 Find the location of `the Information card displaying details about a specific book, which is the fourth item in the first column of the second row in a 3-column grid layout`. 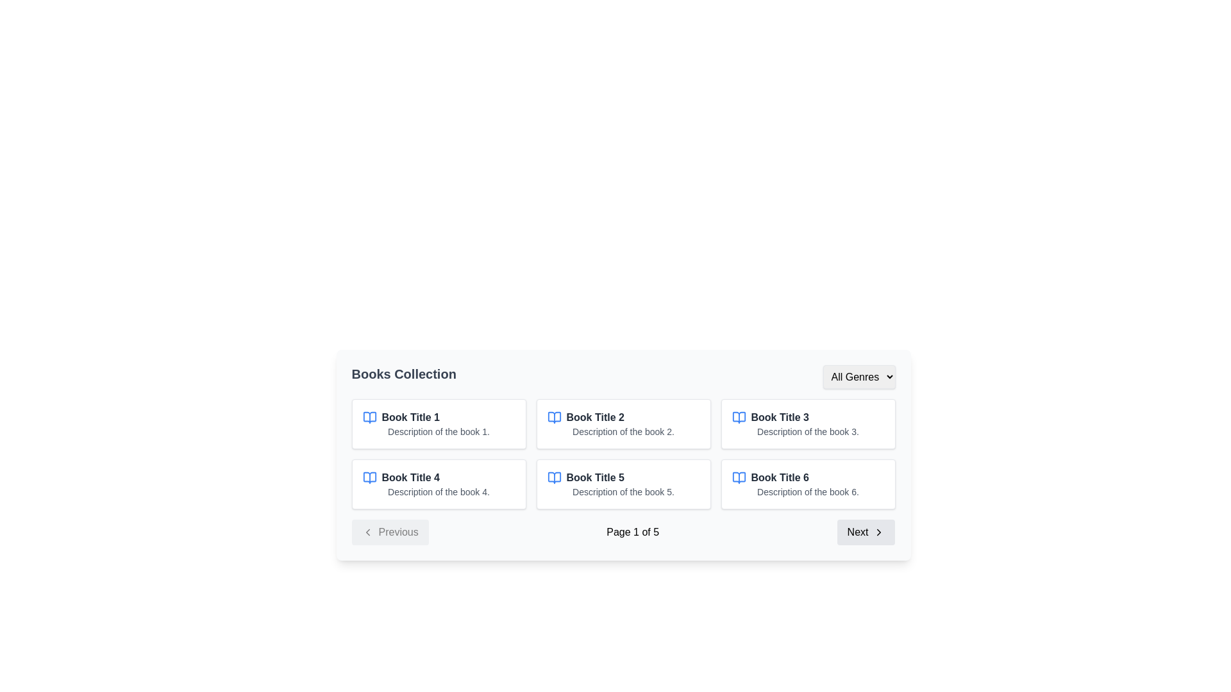

the Information card displaying details about a specific book, which is the fourth item in the first column of the second row in a 3-column grid layout is located at coordinates (439, 484).